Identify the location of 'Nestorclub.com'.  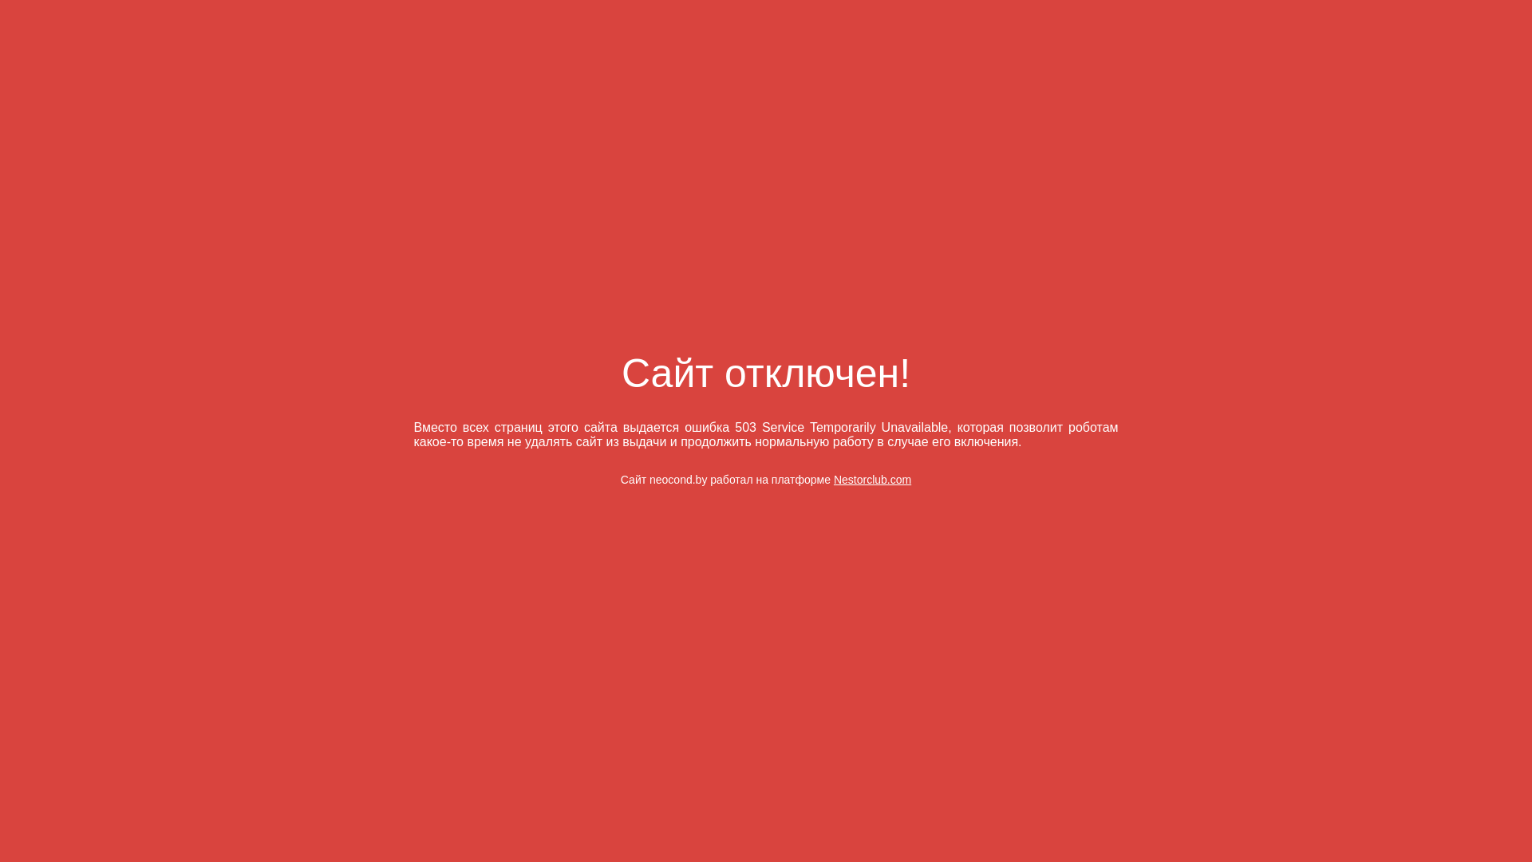
(871, 479).